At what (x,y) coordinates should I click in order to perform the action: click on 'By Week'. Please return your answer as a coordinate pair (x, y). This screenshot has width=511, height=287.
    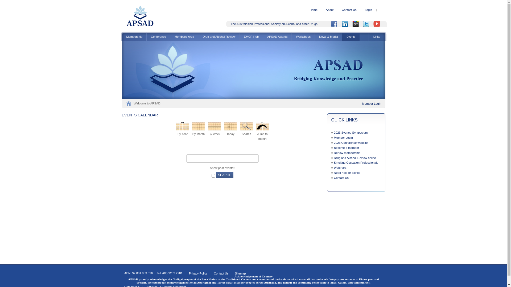
    Looking at the image, I should click on (215, 126).